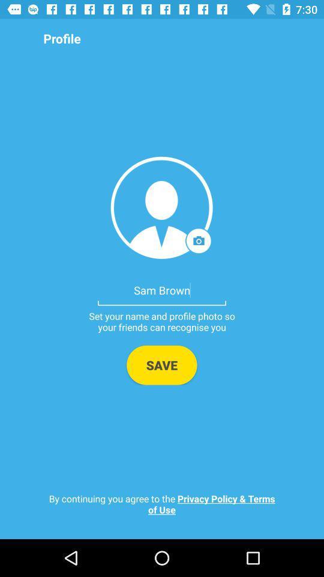  What do you see at coordinates (161, 207) in the screenshot?
I see `button to set a profile photo` at bounding box center [161, 207].